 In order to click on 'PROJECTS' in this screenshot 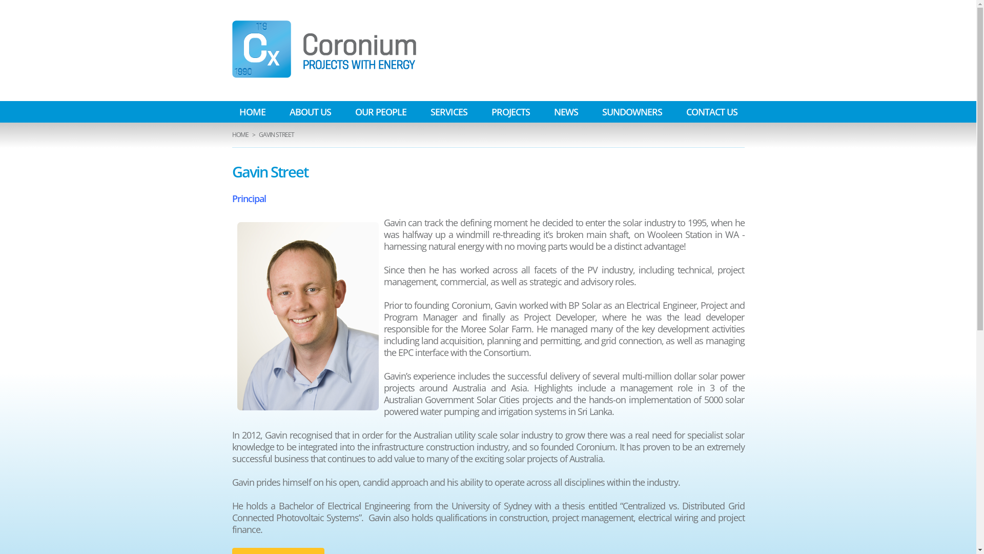, I will do `click(510, 112)`.